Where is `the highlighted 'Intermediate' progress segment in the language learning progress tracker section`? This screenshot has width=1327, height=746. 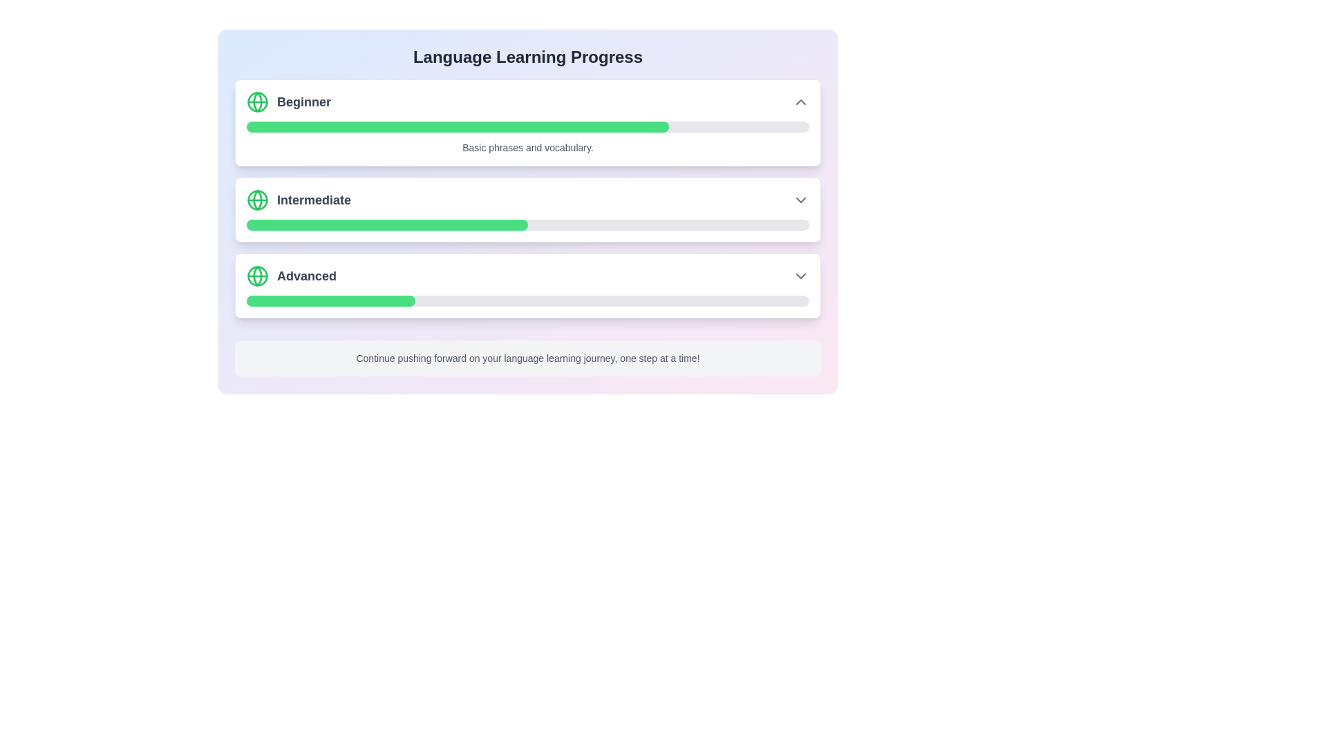 the highlighted 'Intermediate' progress segment in the language learning progress tracker section is located at coordinates (527, 211).